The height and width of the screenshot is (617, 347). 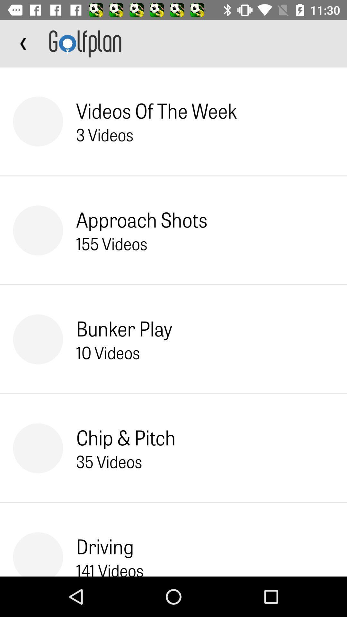 I want to click on the 141 videos item, so click(x=110, y=568).